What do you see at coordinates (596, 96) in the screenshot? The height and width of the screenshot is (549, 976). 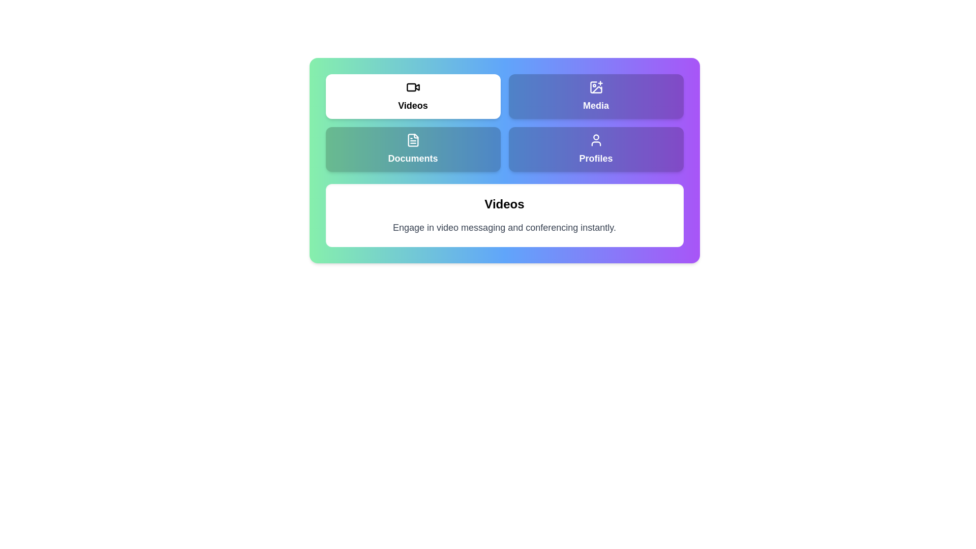 I see `the Media tab to view its content` at bounding box center [596, 96].